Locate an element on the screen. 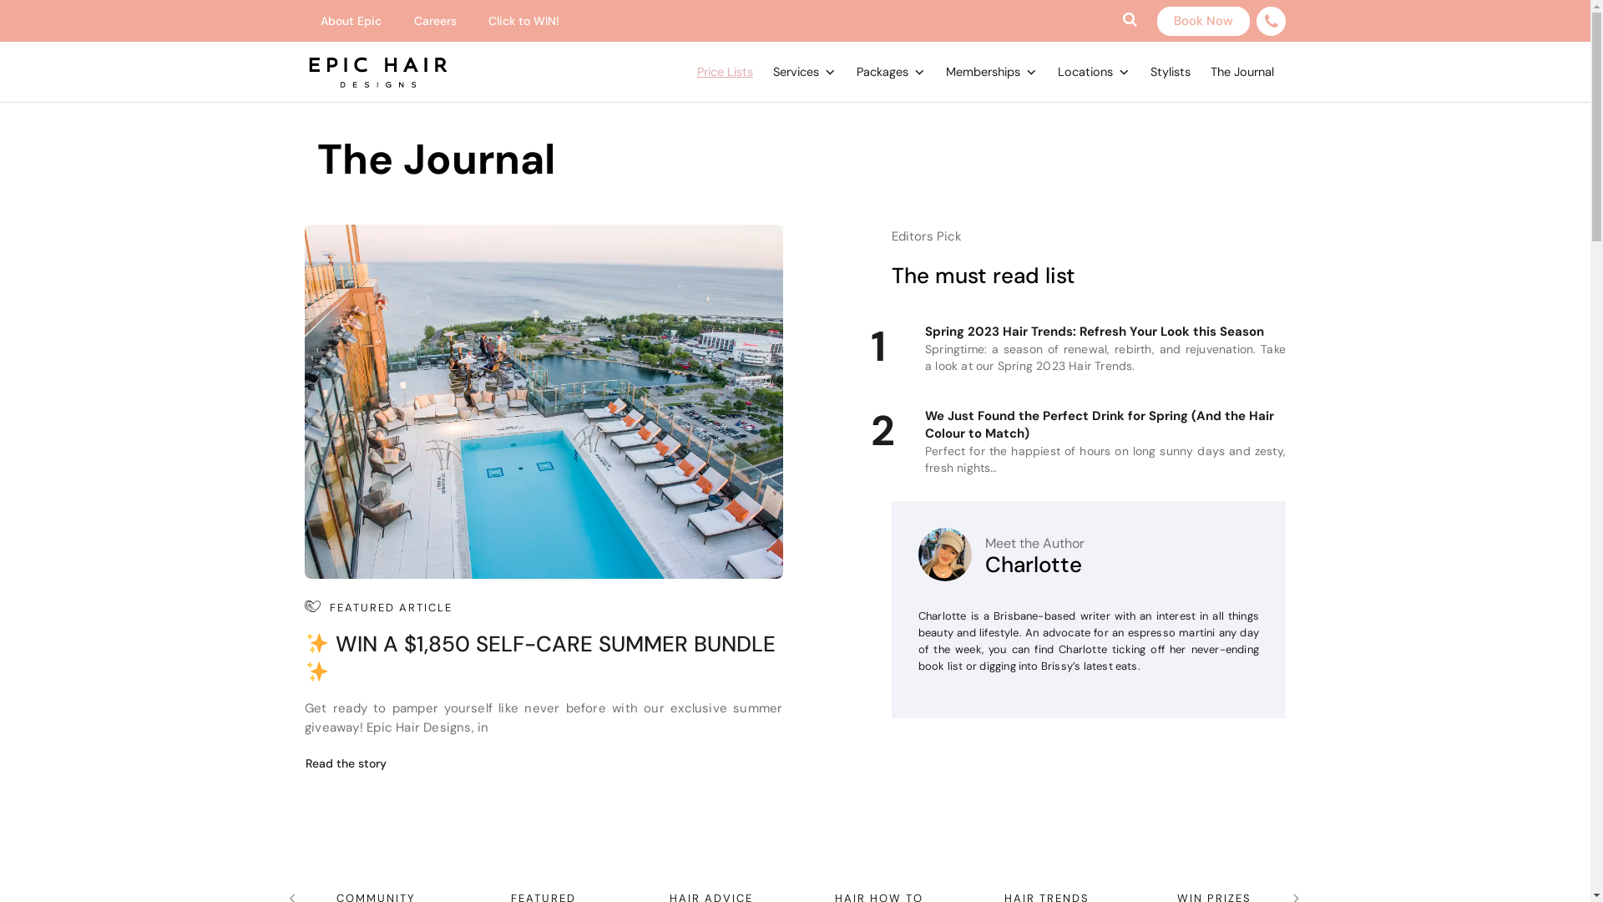 This screenshot has height=902, width=1603. 'Careers' is located at coordinates (434, 21).